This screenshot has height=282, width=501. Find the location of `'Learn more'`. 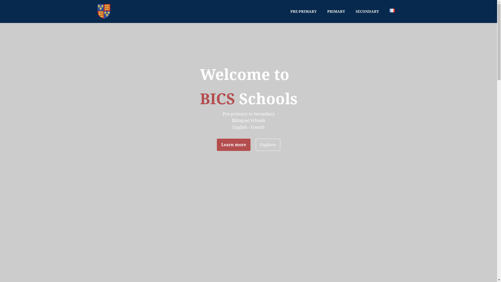

'Learn more' is located at coordinates (217, 145).